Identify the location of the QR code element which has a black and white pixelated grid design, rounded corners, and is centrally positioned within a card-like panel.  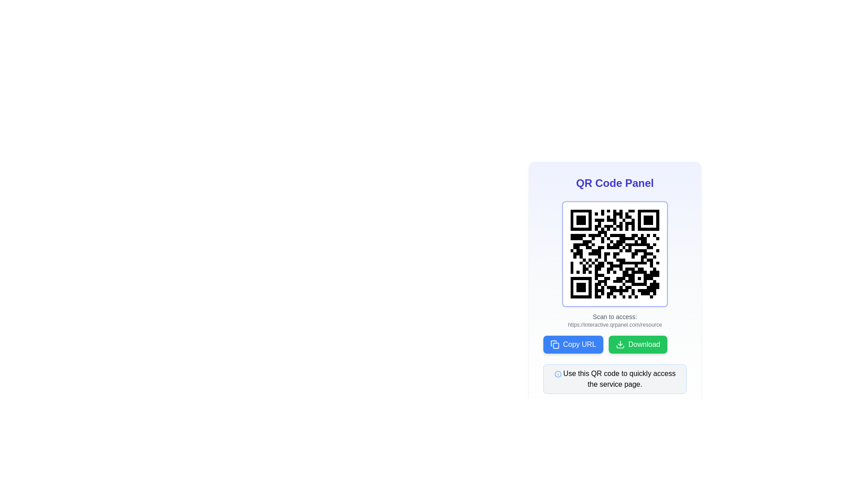
(614, 254).